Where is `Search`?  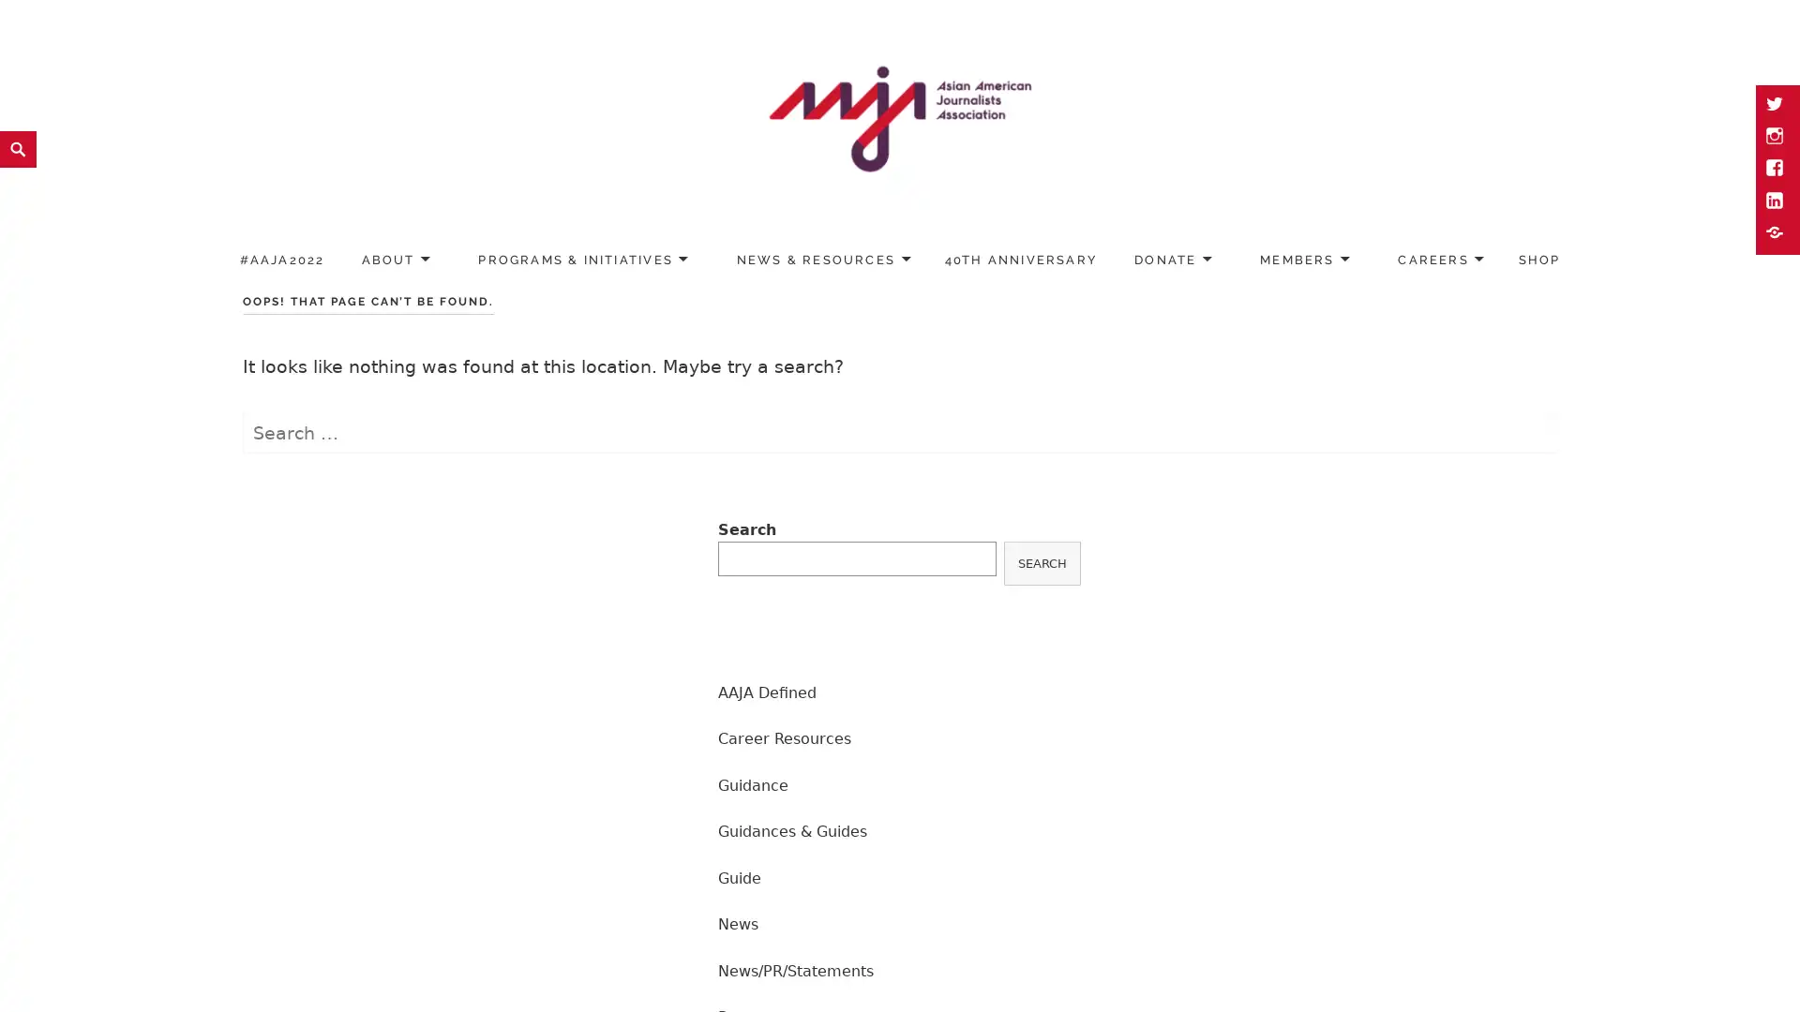
Search is located at coordinates (1556, 409).